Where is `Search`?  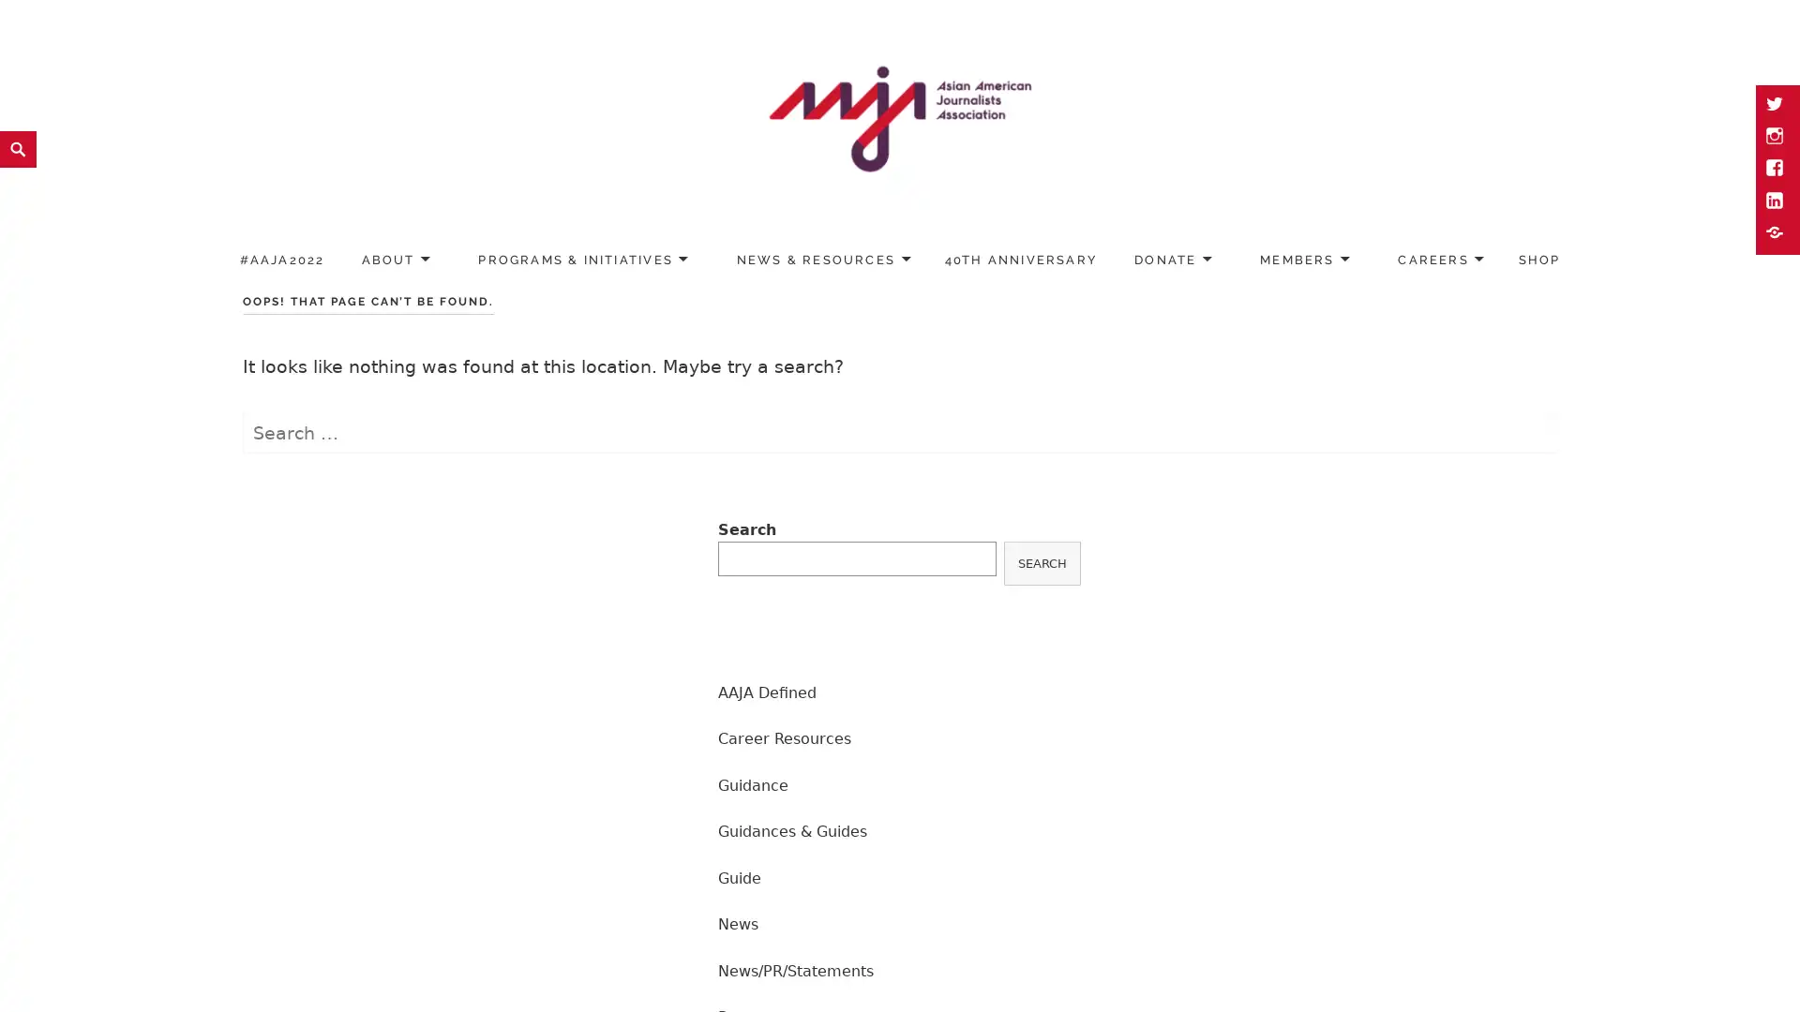
Search is located at coordinates (1556, 409).